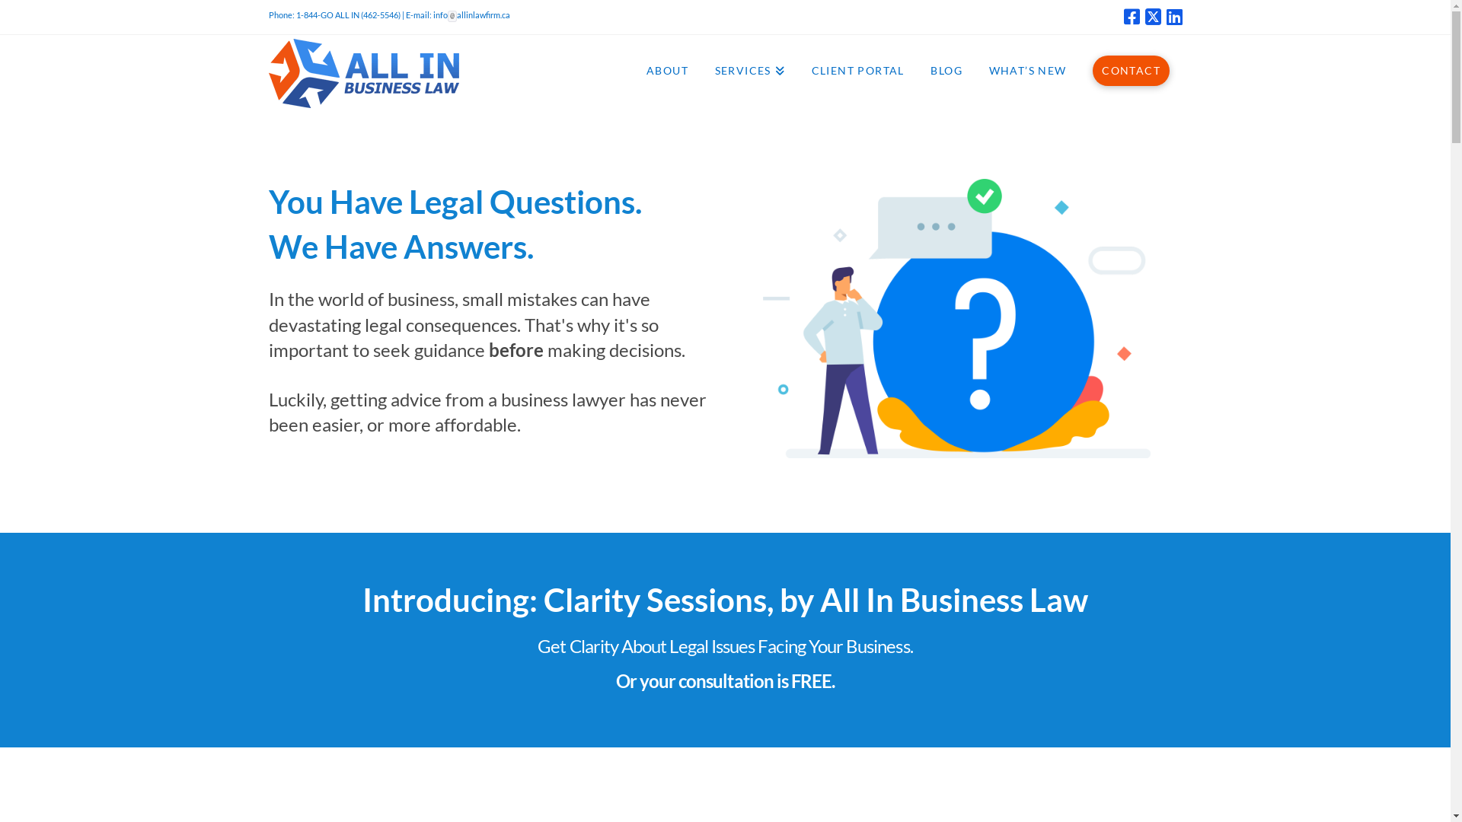  What do you see at coordinates (1173, 17) in the screenshot?
I see `'LinkedIn'` at bounding box center [1173, 17].